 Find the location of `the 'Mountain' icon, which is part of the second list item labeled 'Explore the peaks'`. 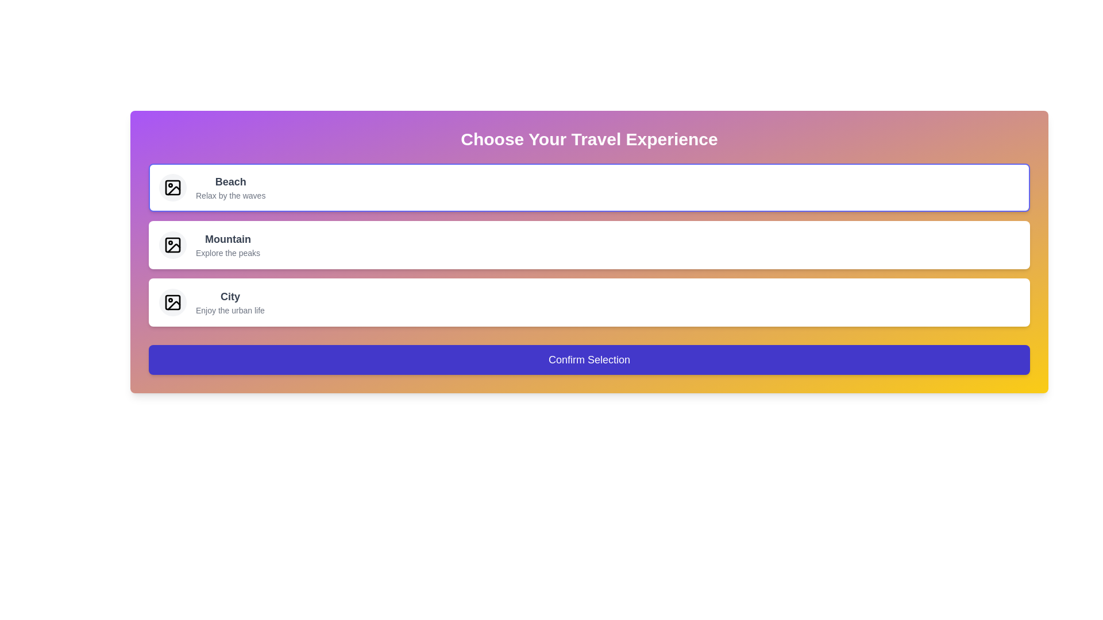

the 'Mountain' icon, which is part of the second list item labeled 'Explore the peaks' is located at coordinates (172, 245).